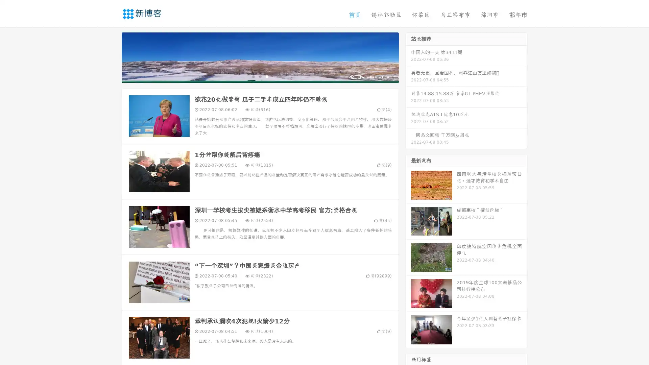 The image size is (649, 365). Describe the element at coordinates (260, 76) in the screenshot. I see `Go to slide 2` at that location.